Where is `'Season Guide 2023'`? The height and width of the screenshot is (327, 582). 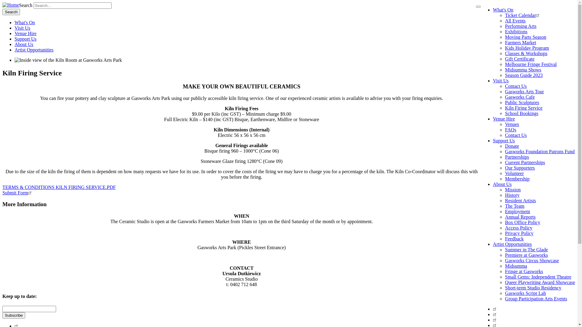
'Season Guide 2023' is located at coordinates (523, 75).